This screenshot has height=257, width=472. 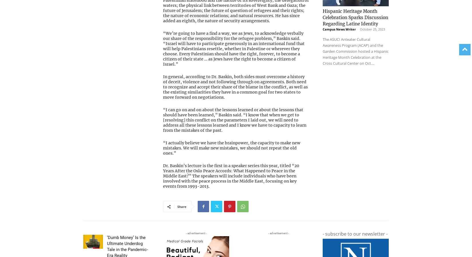 What do you see at coordinates (231, 148) in the screenshot?
I see `'“I actually believe we have the brainpower, the capacity to make new mistakes. We will make new mistakes, we should not repeat the old ones.”'` at bounding box center [231, 148].